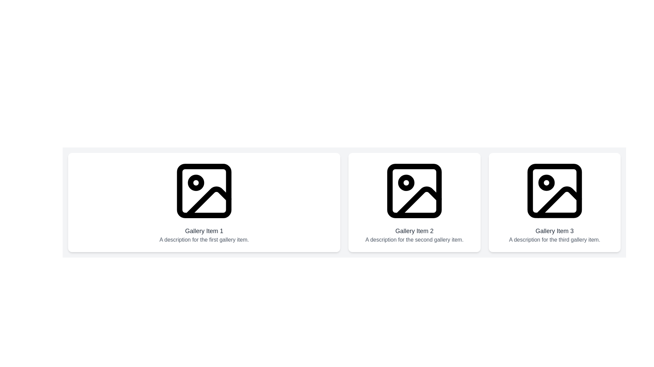  Describe the element at coordinates (555, 239) in the screenshot. I see `the descriptive text label for the third gallery item, which provides contextual information about the gallery content` at that location.